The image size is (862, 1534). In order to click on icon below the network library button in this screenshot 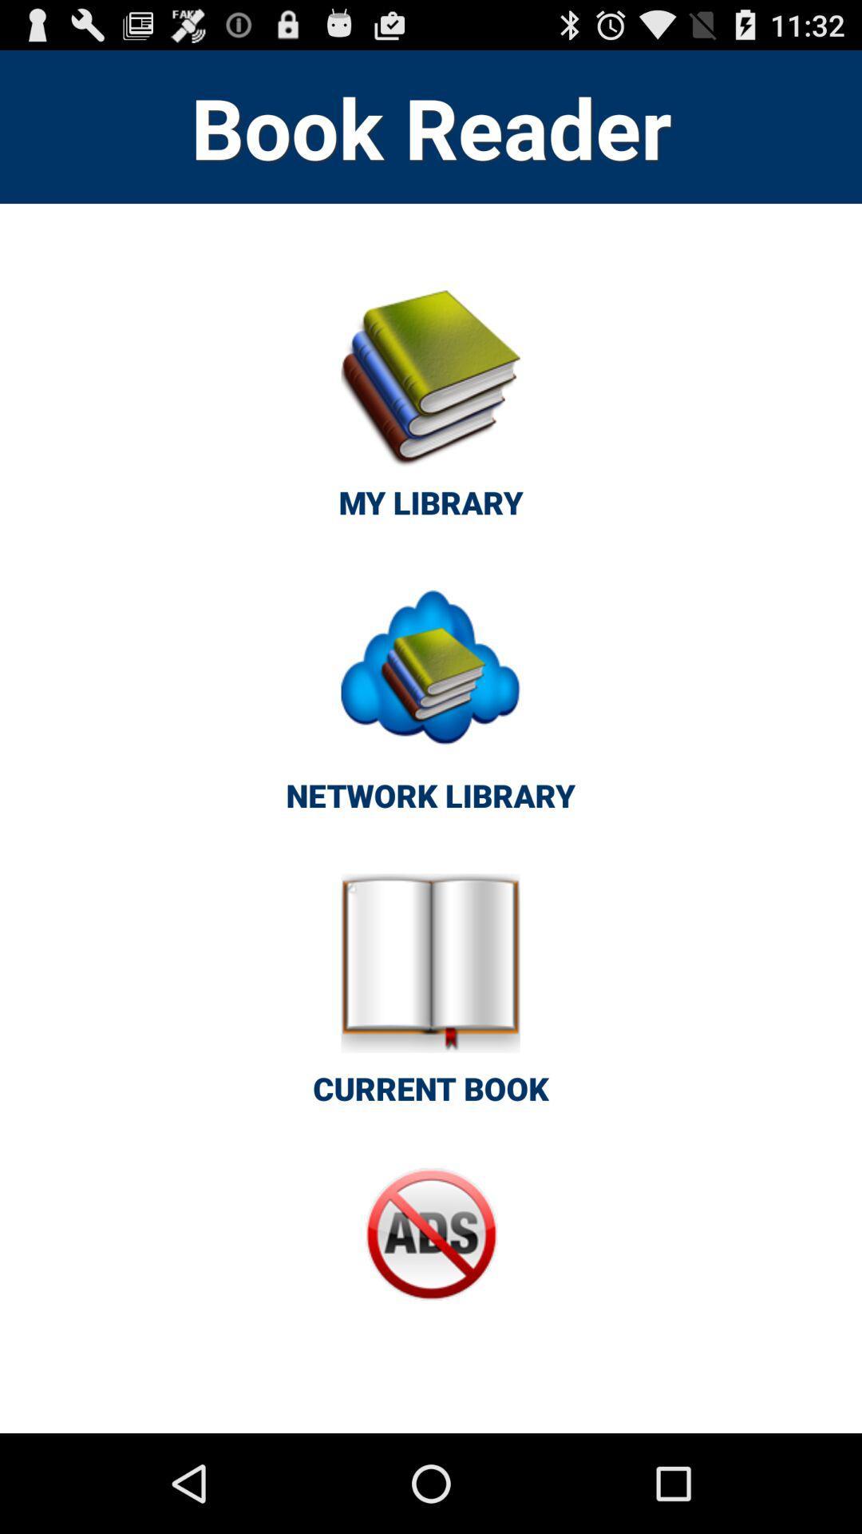, I will do `click(431, 998)`.